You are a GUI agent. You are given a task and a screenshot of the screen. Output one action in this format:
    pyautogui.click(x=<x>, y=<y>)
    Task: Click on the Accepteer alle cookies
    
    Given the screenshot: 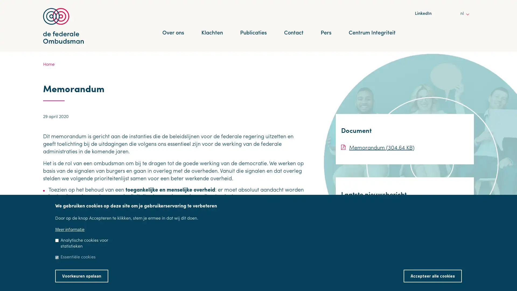 What is the action you would take?
    pyautogui.click(x=433, y=276)
    